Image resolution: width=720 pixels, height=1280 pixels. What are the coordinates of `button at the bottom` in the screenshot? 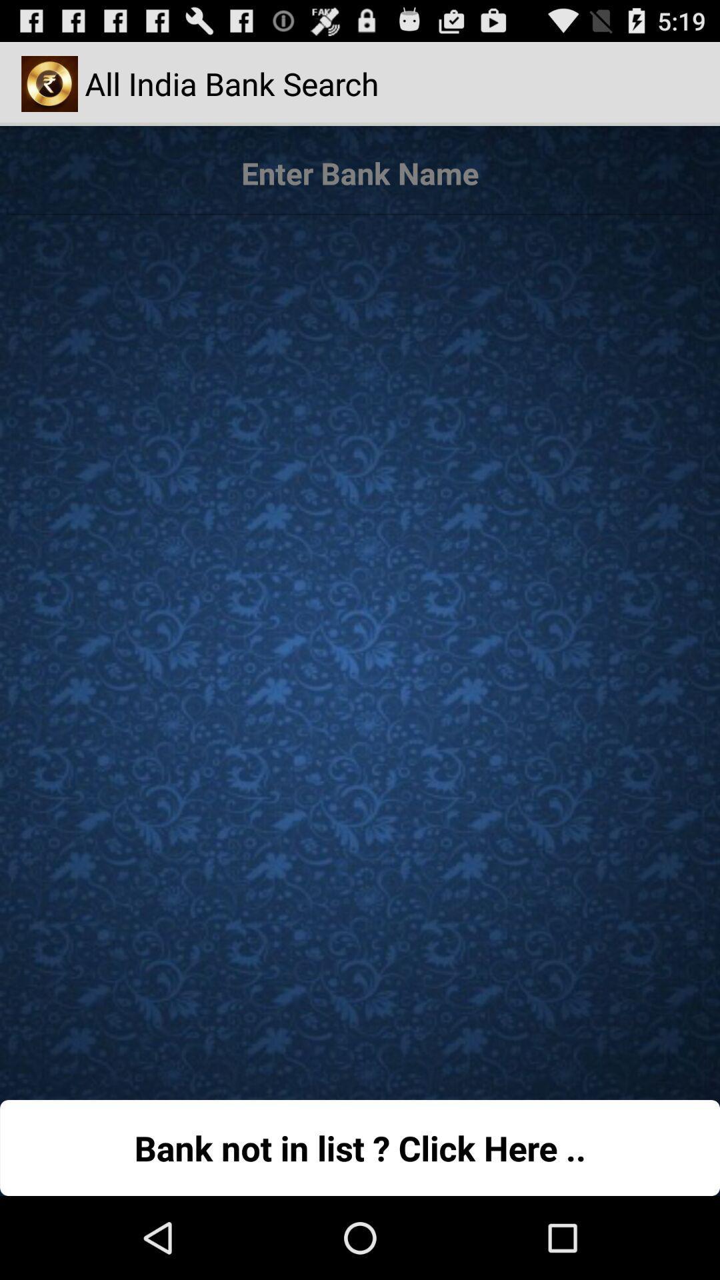 It's located at (360, 1147).